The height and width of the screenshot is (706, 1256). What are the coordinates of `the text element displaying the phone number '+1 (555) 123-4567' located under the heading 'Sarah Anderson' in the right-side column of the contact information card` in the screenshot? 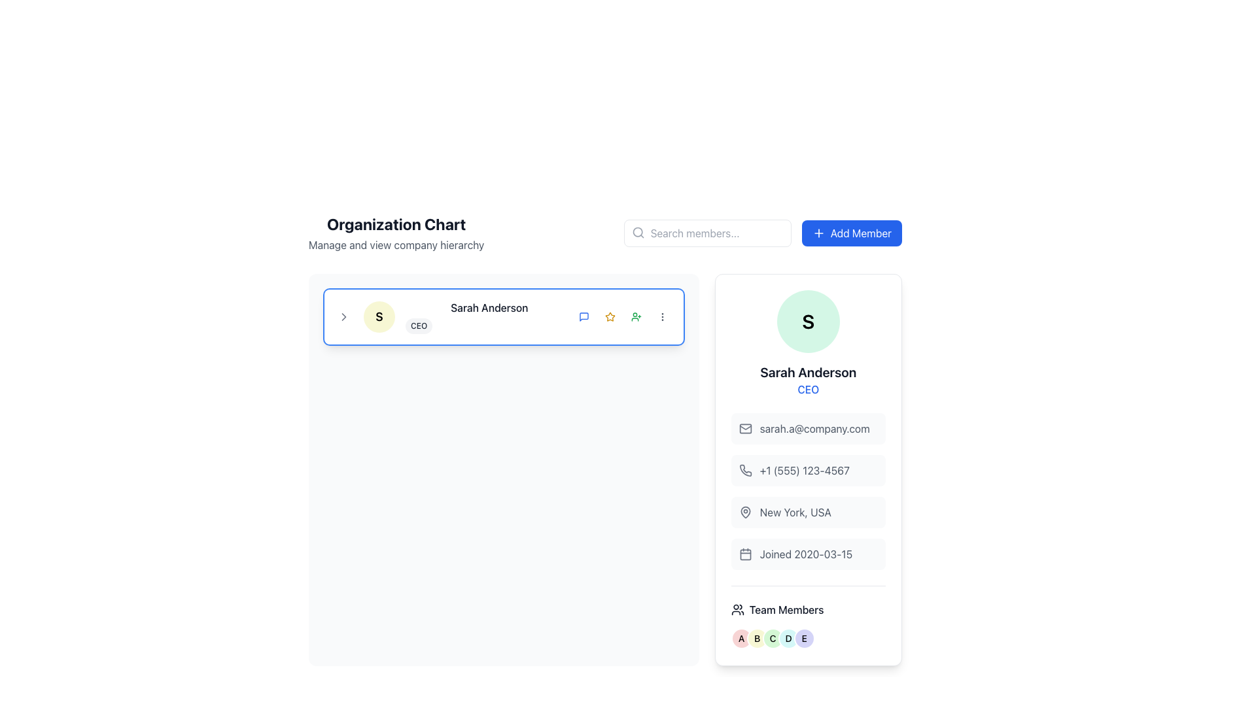 It's located at (804, 471).